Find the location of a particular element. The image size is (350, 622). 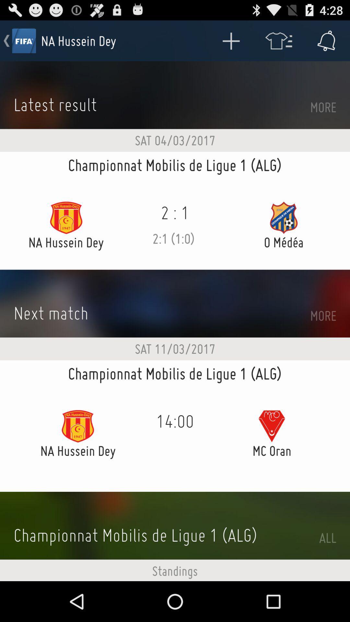

the item above the sat 04 03 is located at coordinates (230, 40).